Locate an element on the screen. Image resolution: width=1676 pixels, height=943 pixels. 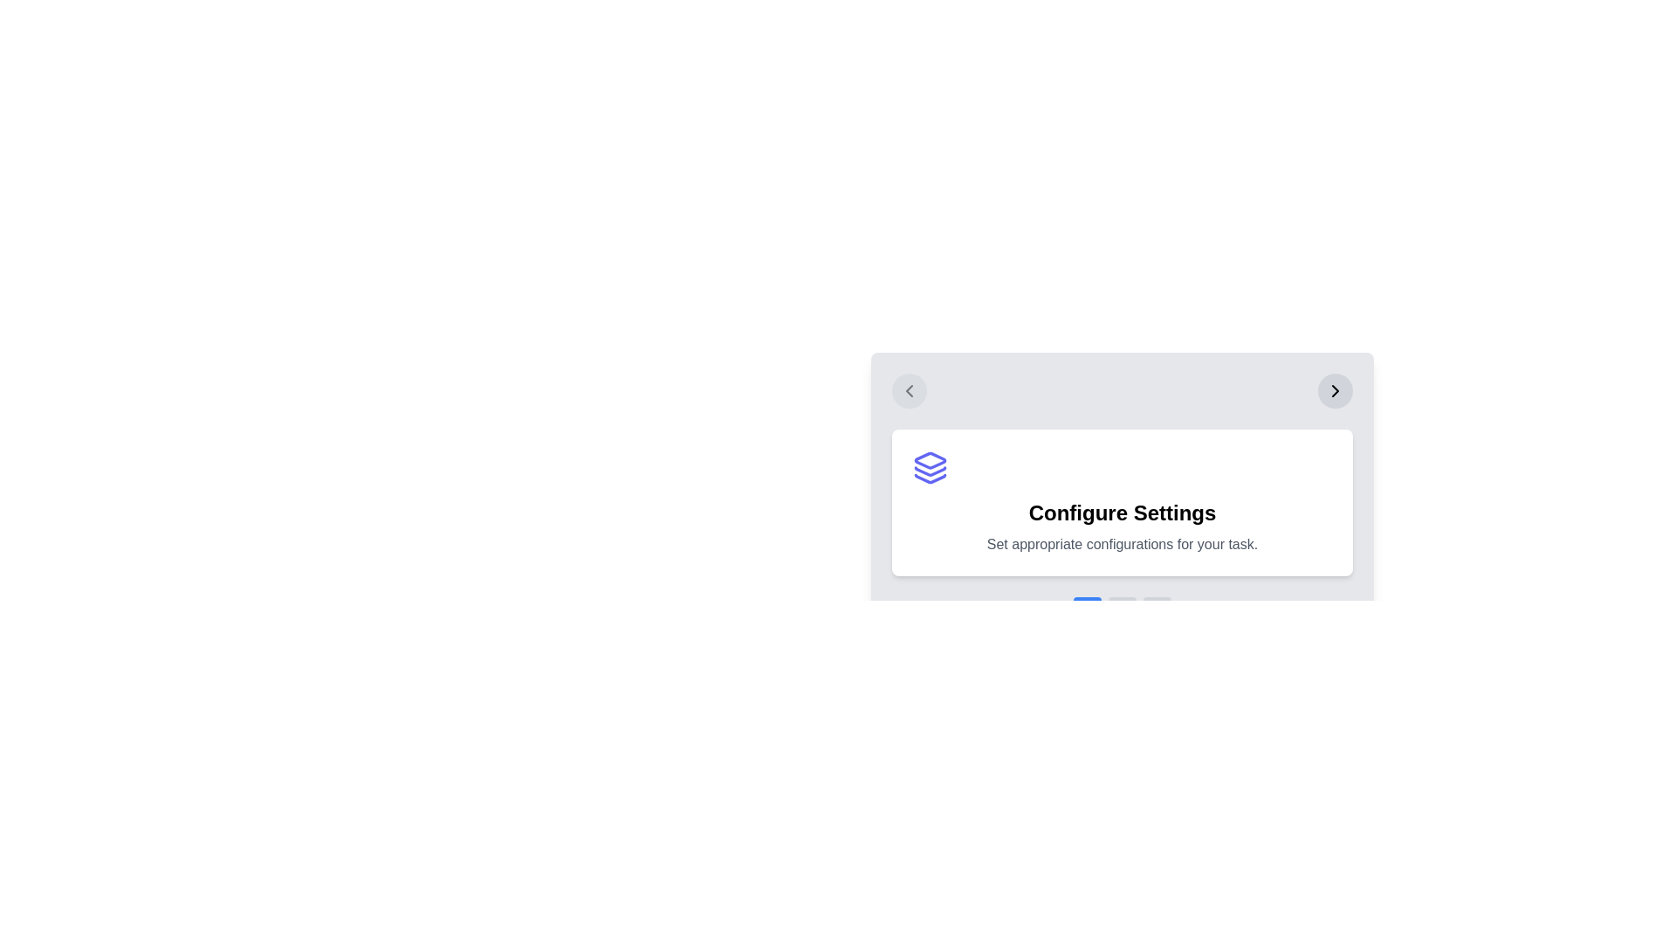
the step indicator corresponding to step 3 is located at coordinates (1157, 599).